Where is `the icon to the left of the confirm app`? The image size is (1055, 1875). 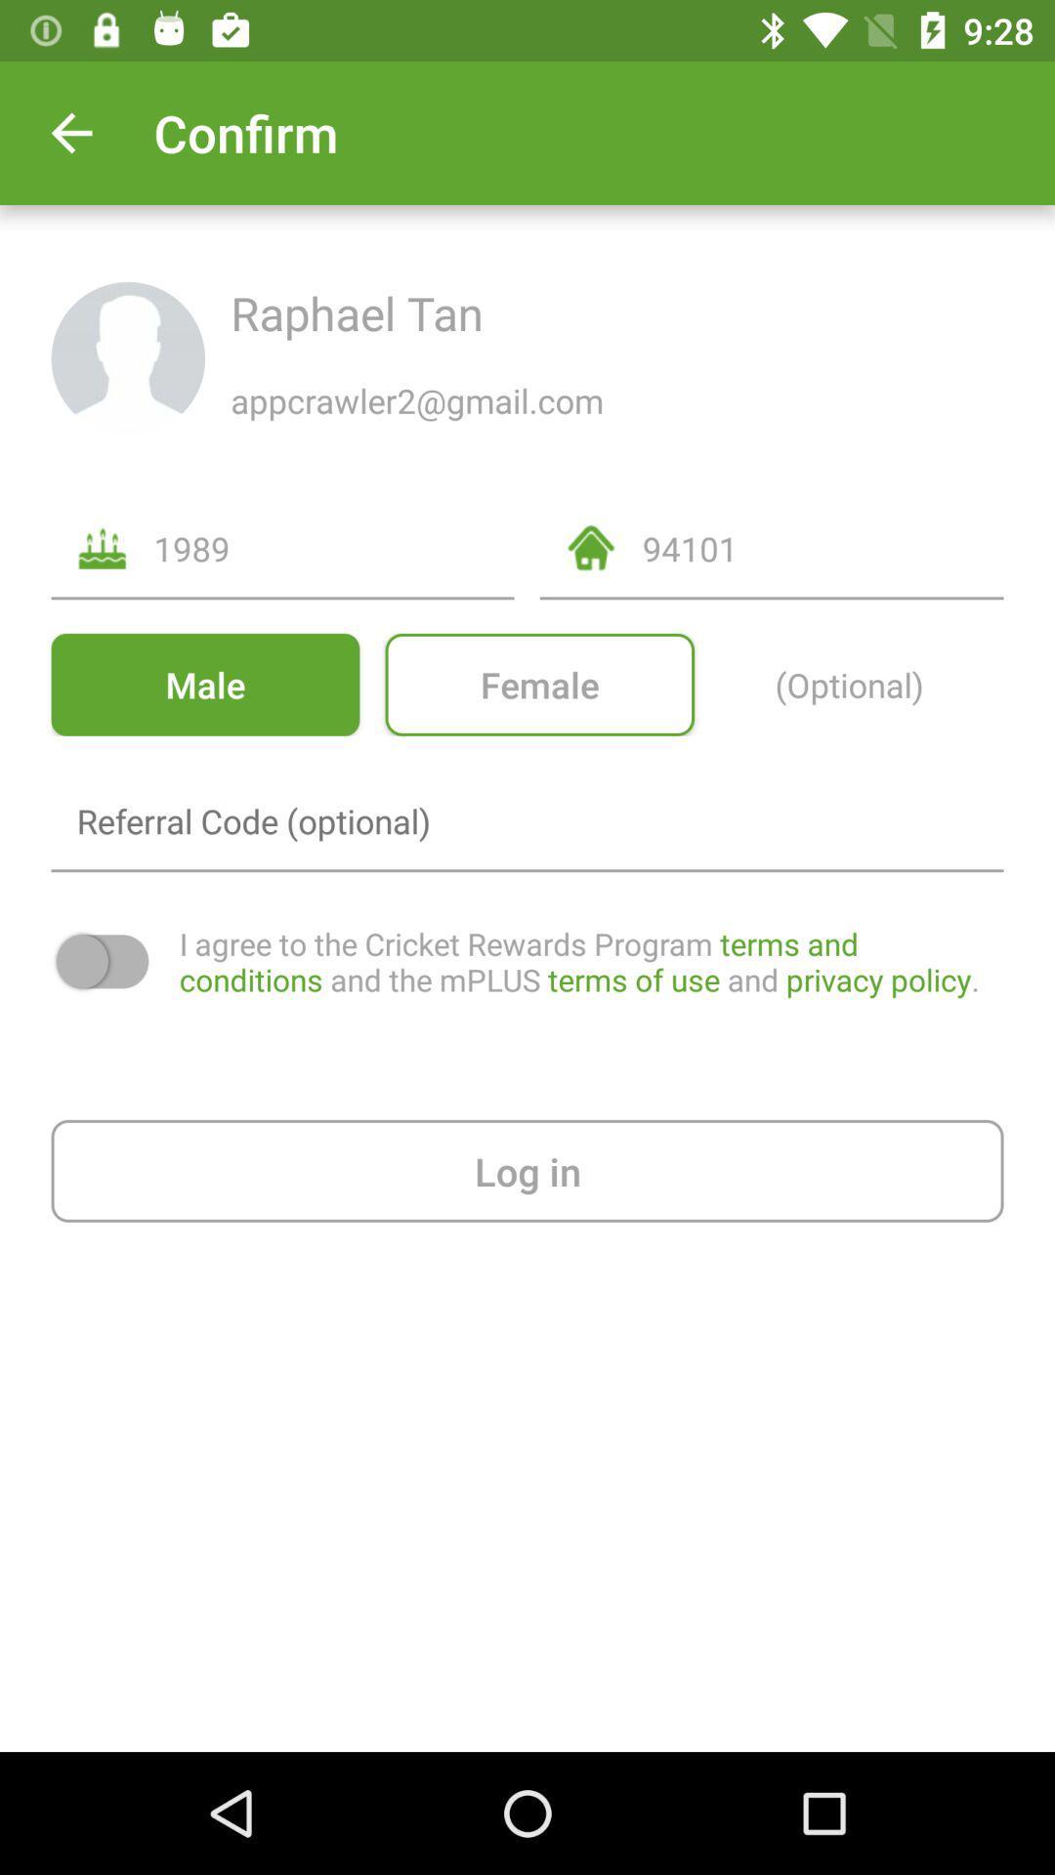
the icon to the left of the confirm app is located at coordinates (70, 132).